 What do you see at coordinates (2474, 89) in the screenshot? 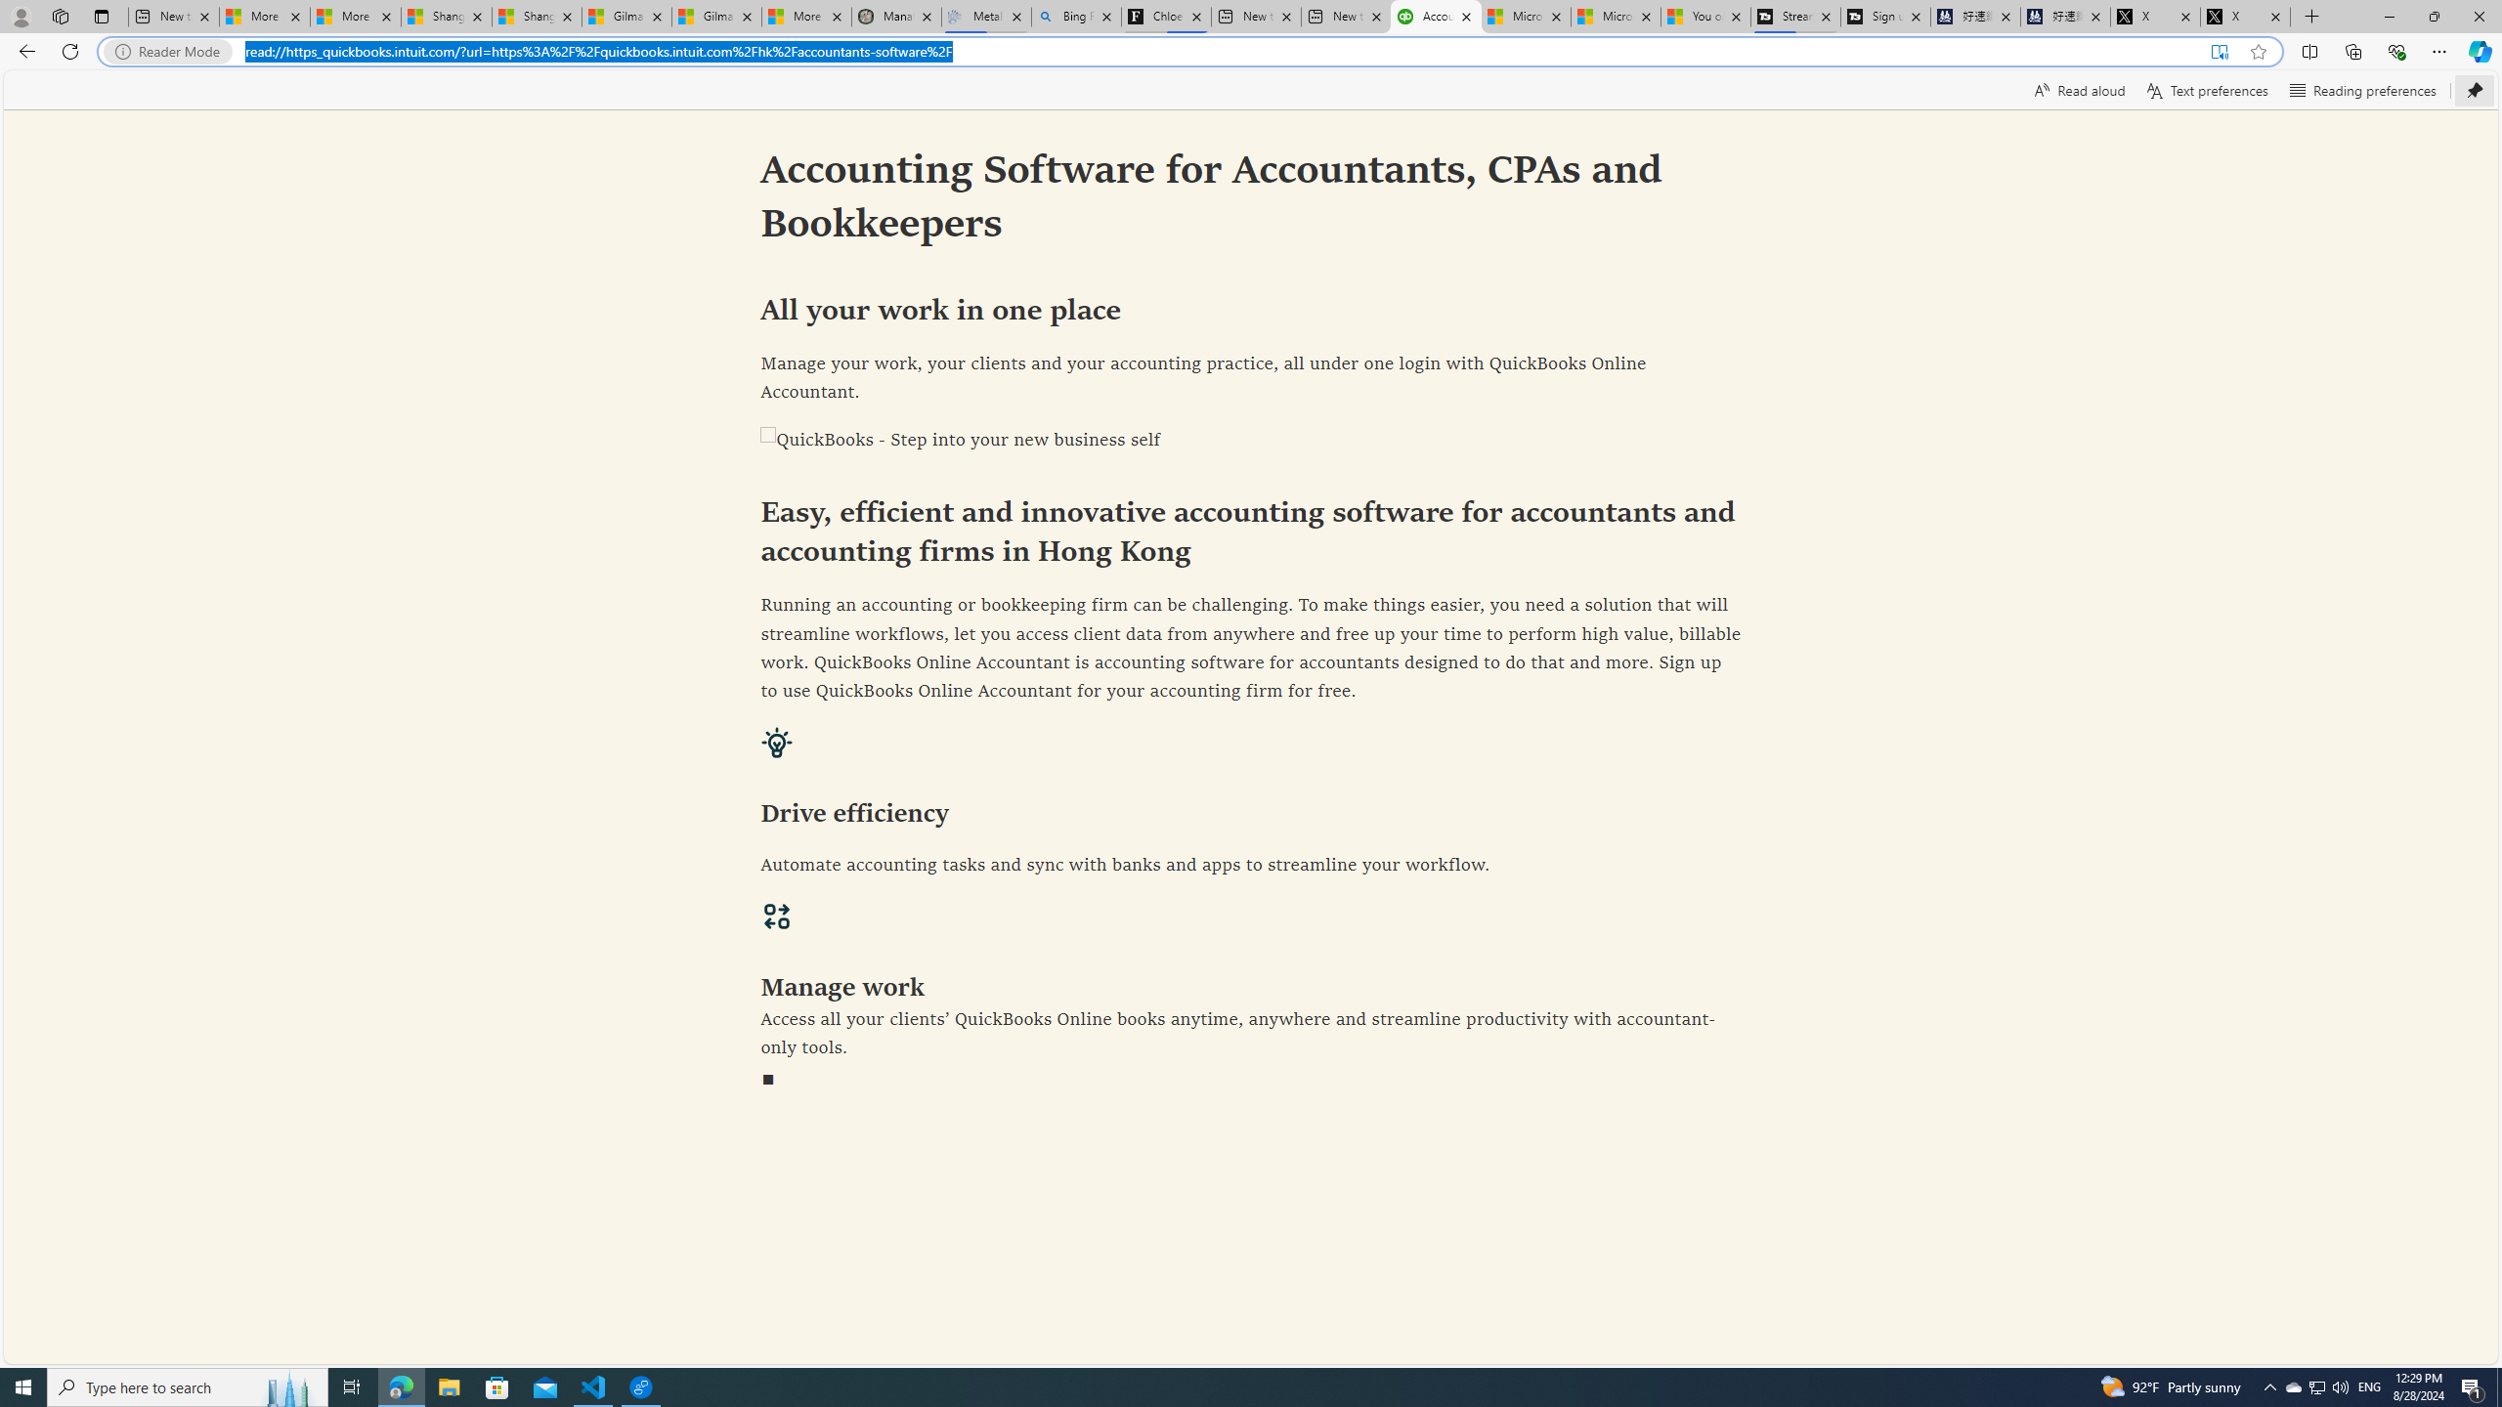
I see `'Unpin toolbar'` at bounding box center [2474, 89].